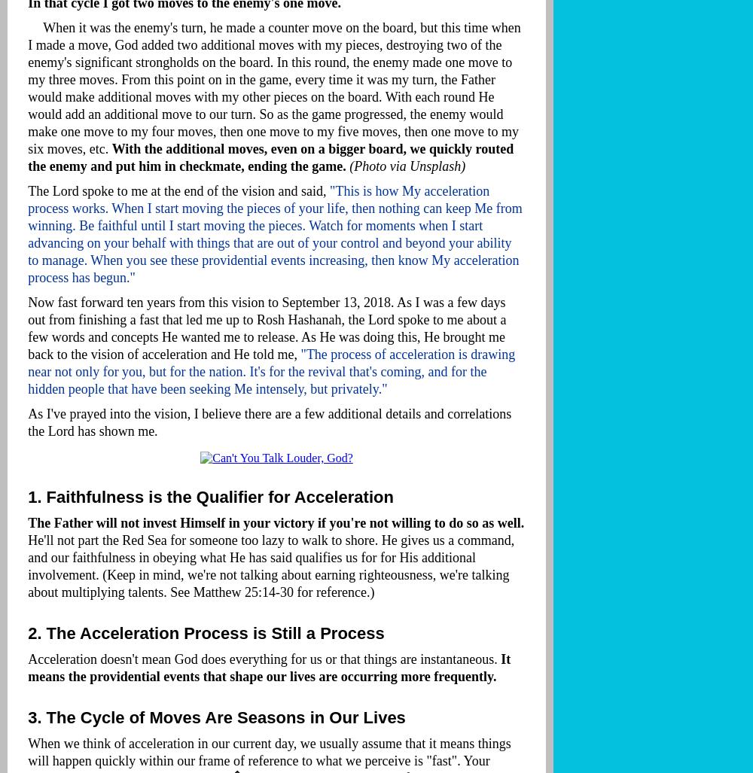 The height and width of the screenshot is (773, 753). Describe the element at coordinates (210, 496) in the screenshot. I see `'1. Faithfulness is the Qualifier for Acceleration'` at that location.